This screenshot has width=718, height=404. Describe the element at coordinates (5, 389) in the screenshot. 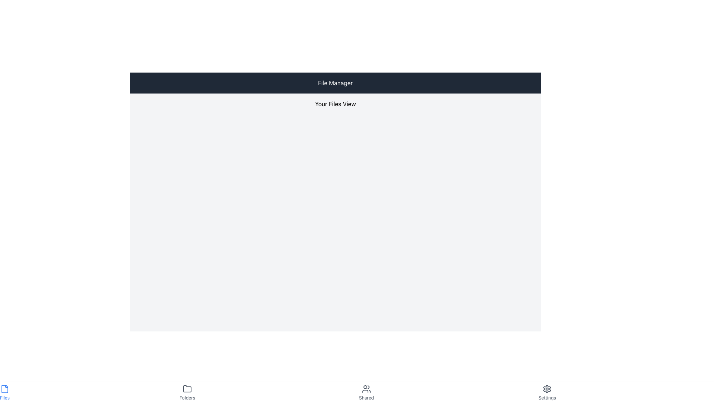

I see `the 'Files' SVG Icon in the bottom left corner of the navigation bar` at that location.